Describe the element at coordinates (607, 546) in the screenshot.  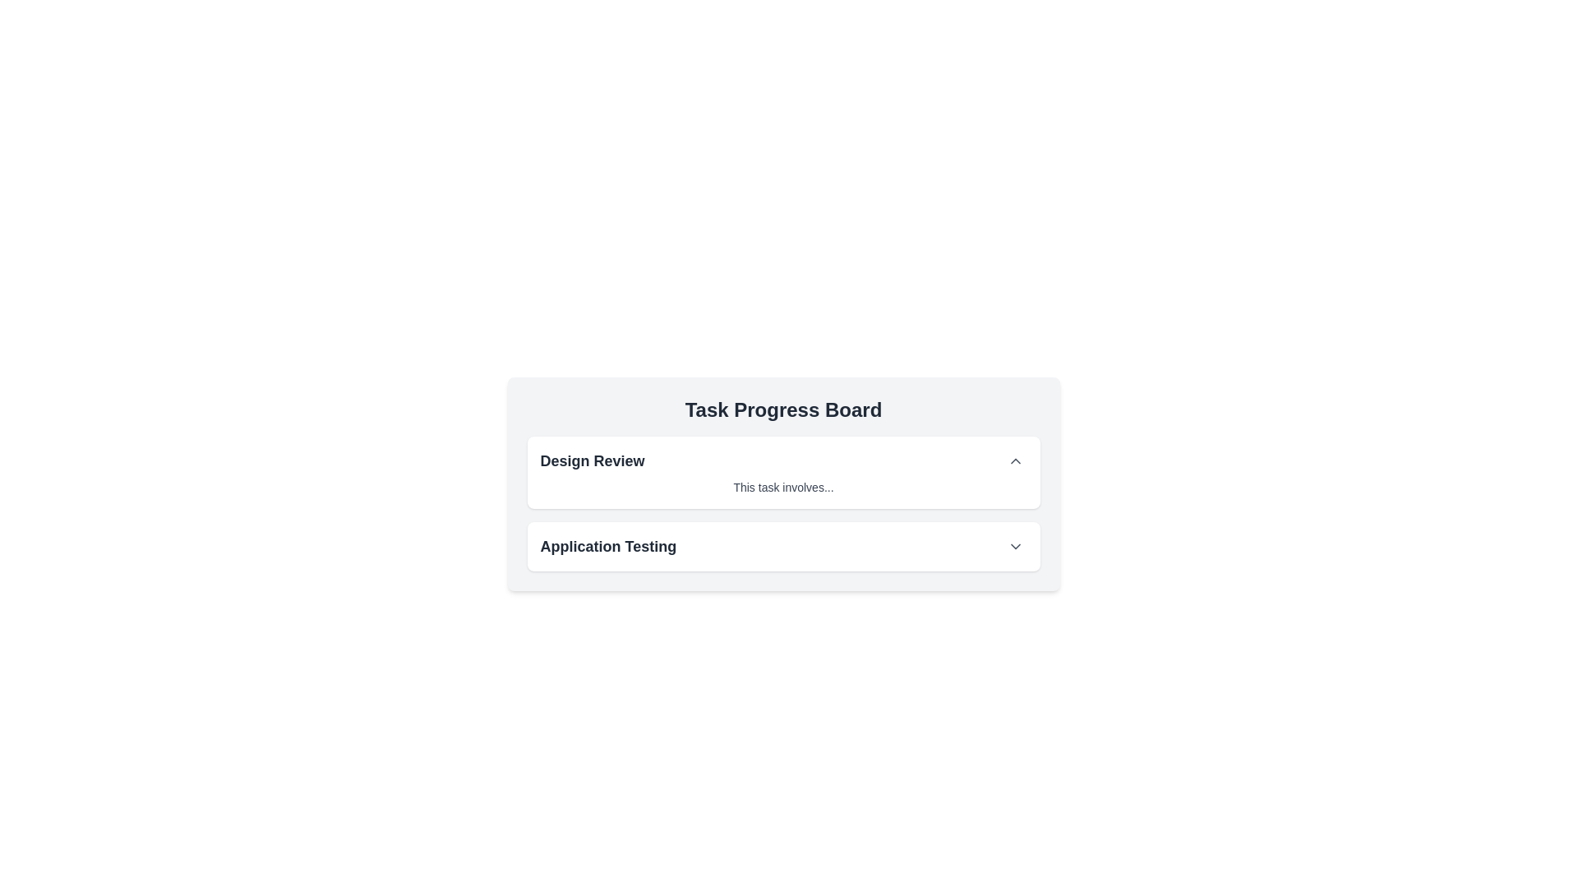
I see `the text label displaying 'Application Testing', which is prominently styled in bold and dark gray, located under the 'Design Review' section of the task progress board interface` at that location.